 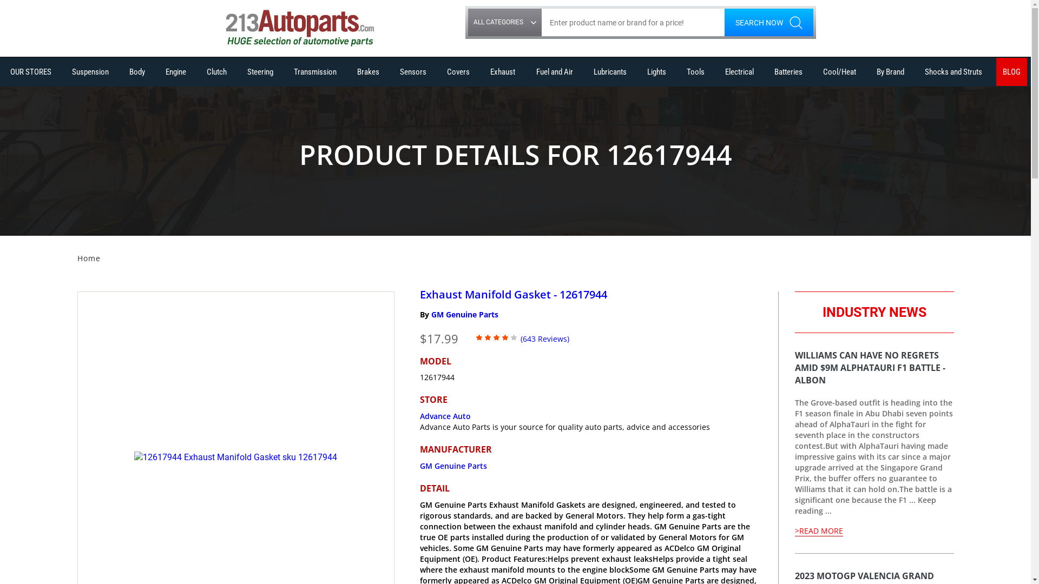 What do you see at coordinates (996, 71) in the screenshot?
I see `'BLOG'` at bounding box center [996, 71].